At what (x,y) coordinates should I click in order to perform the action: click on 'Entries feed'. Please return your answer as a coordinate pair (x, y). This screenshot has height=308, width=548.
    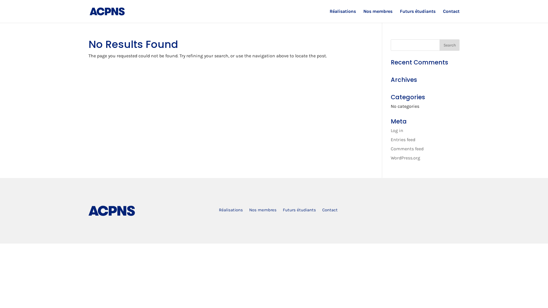
    Looking at the image, I should click on (390, 139).